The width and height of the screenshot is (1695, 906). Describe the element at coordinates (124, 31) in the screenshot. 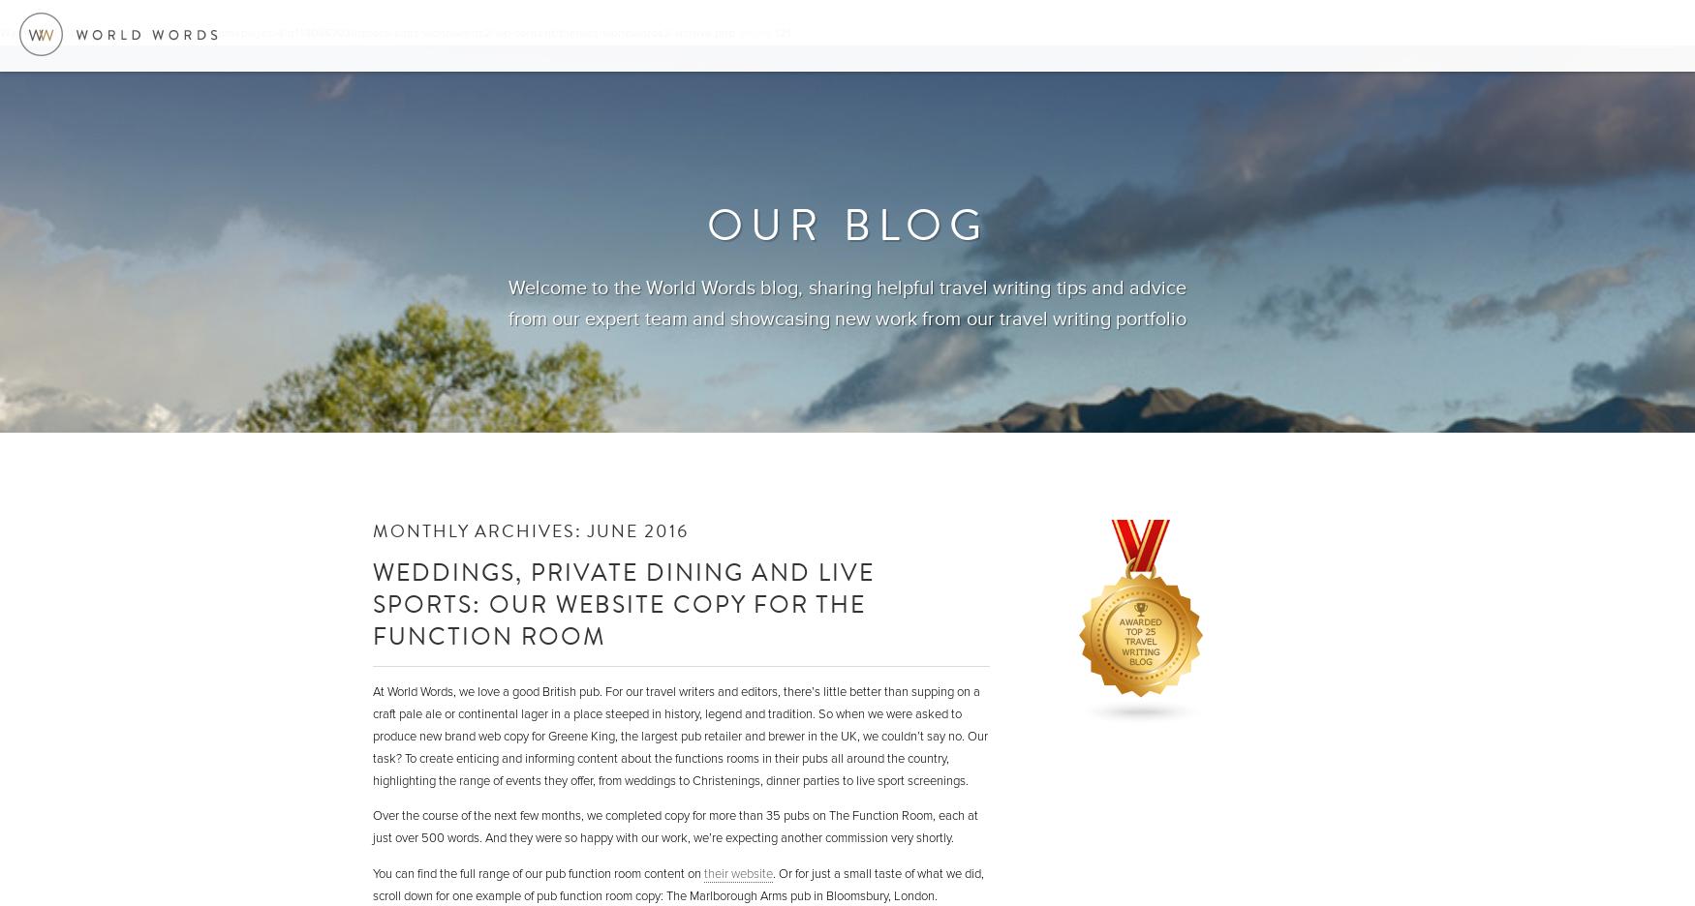

I see `':  Undefined array key "modal" in'` at that location.